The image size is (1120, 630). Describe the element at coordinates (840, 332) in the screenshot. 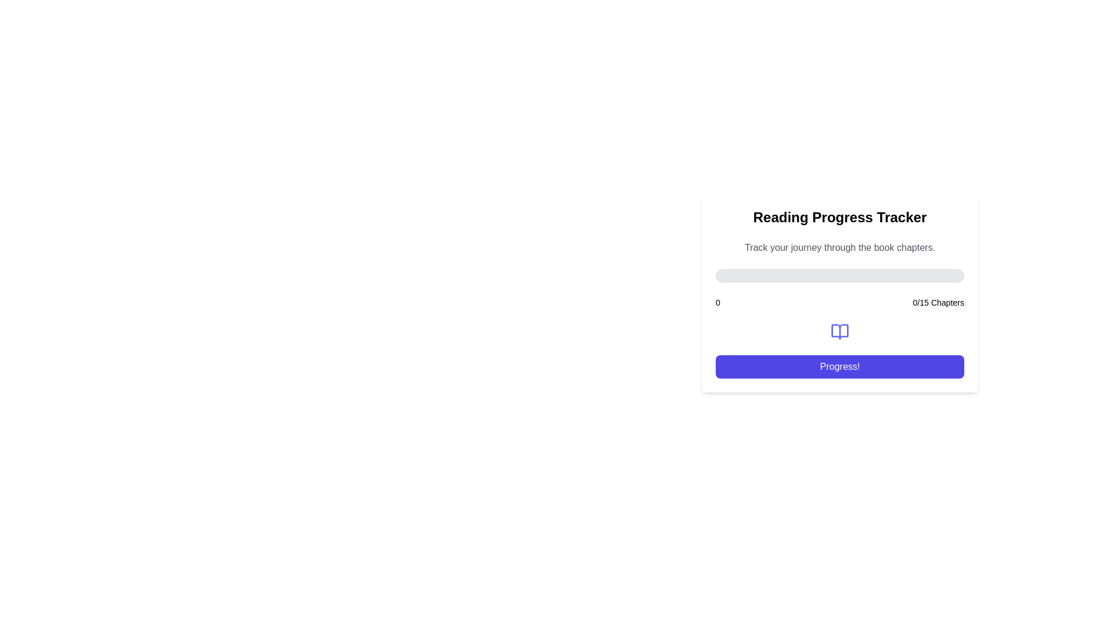

I see `the open book icon, which is purple or indigo in color and located above the 'Progress!' button in the card layout` at that location.